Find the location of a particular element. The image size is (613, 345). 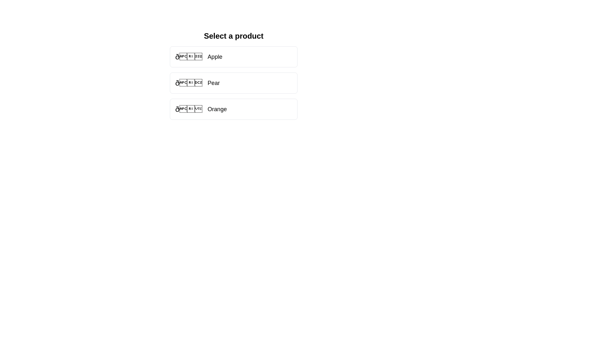

text of the Text heading element, which indicates that the following items are part of a product selection process is located at coordinates (233, 36).